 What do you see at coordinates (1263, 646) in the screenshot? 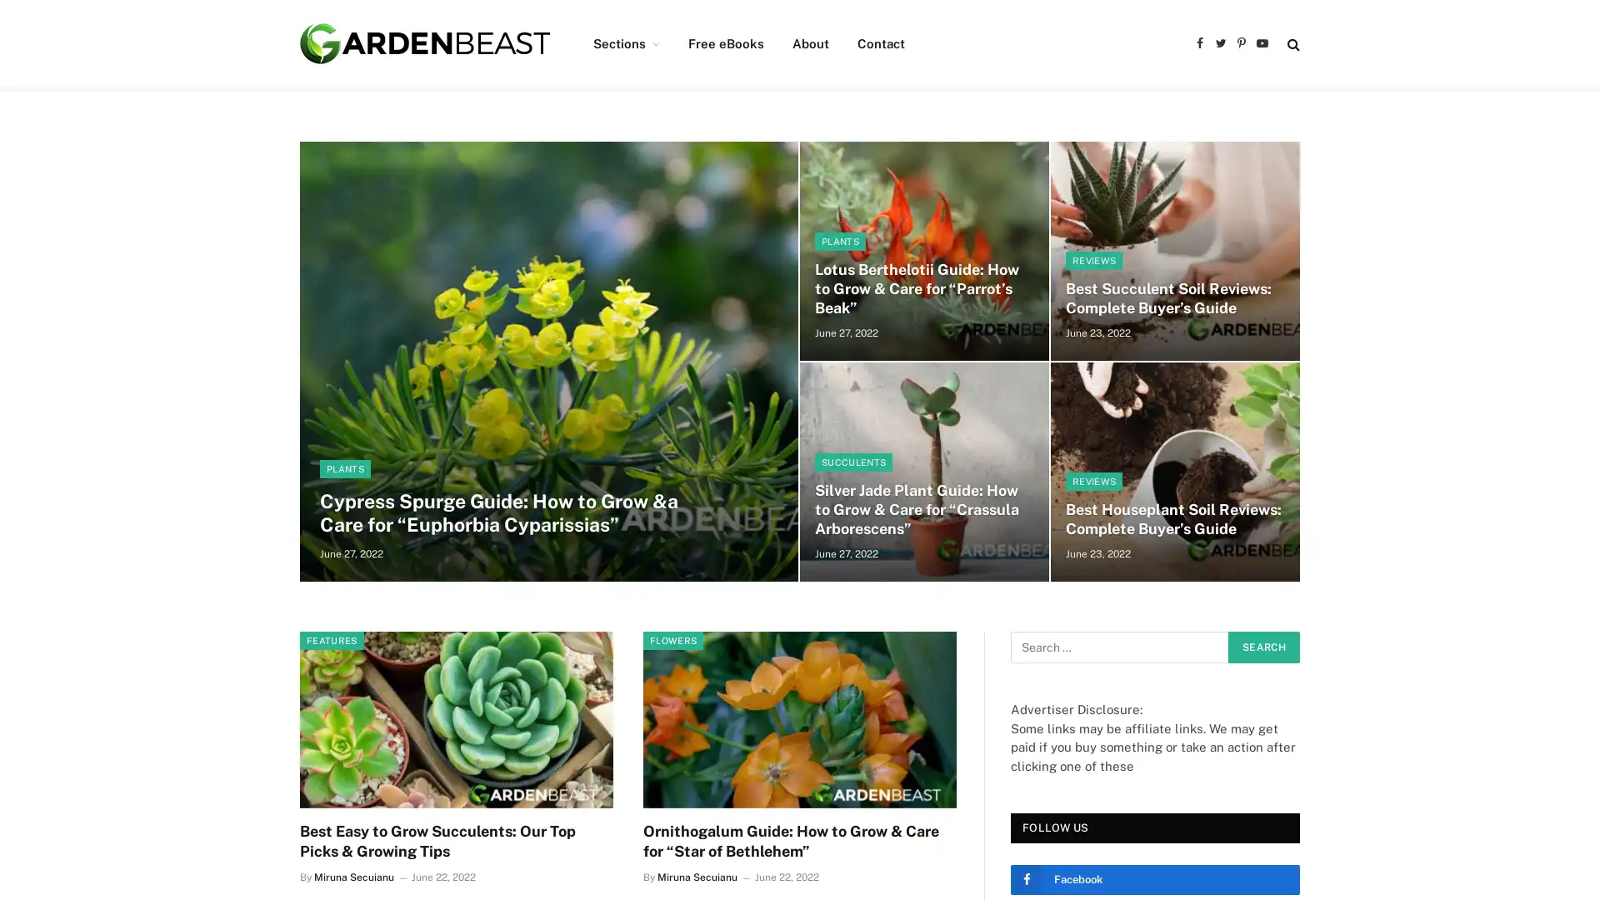
I see `Search` at bounding box center [1263, 646].